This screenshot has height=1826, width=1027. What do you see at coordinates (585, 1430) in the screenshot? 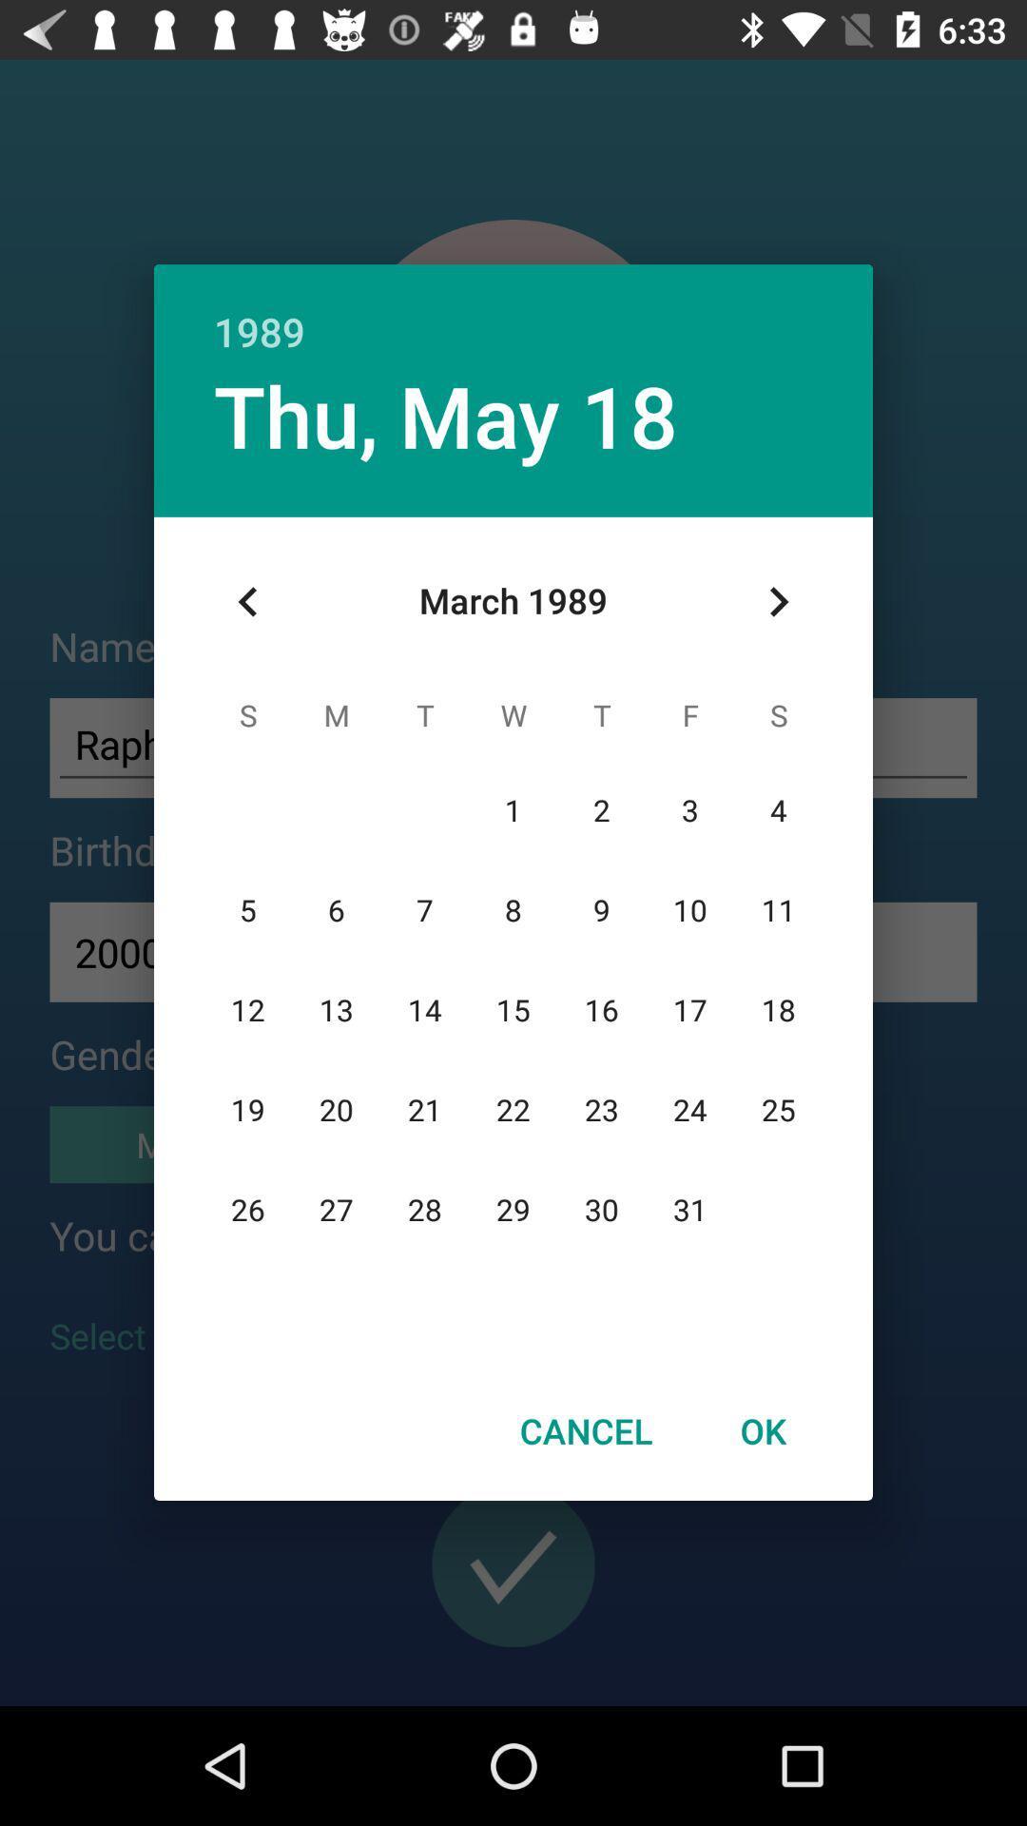
I see `the cancel` at bounding box center [585, 1430].